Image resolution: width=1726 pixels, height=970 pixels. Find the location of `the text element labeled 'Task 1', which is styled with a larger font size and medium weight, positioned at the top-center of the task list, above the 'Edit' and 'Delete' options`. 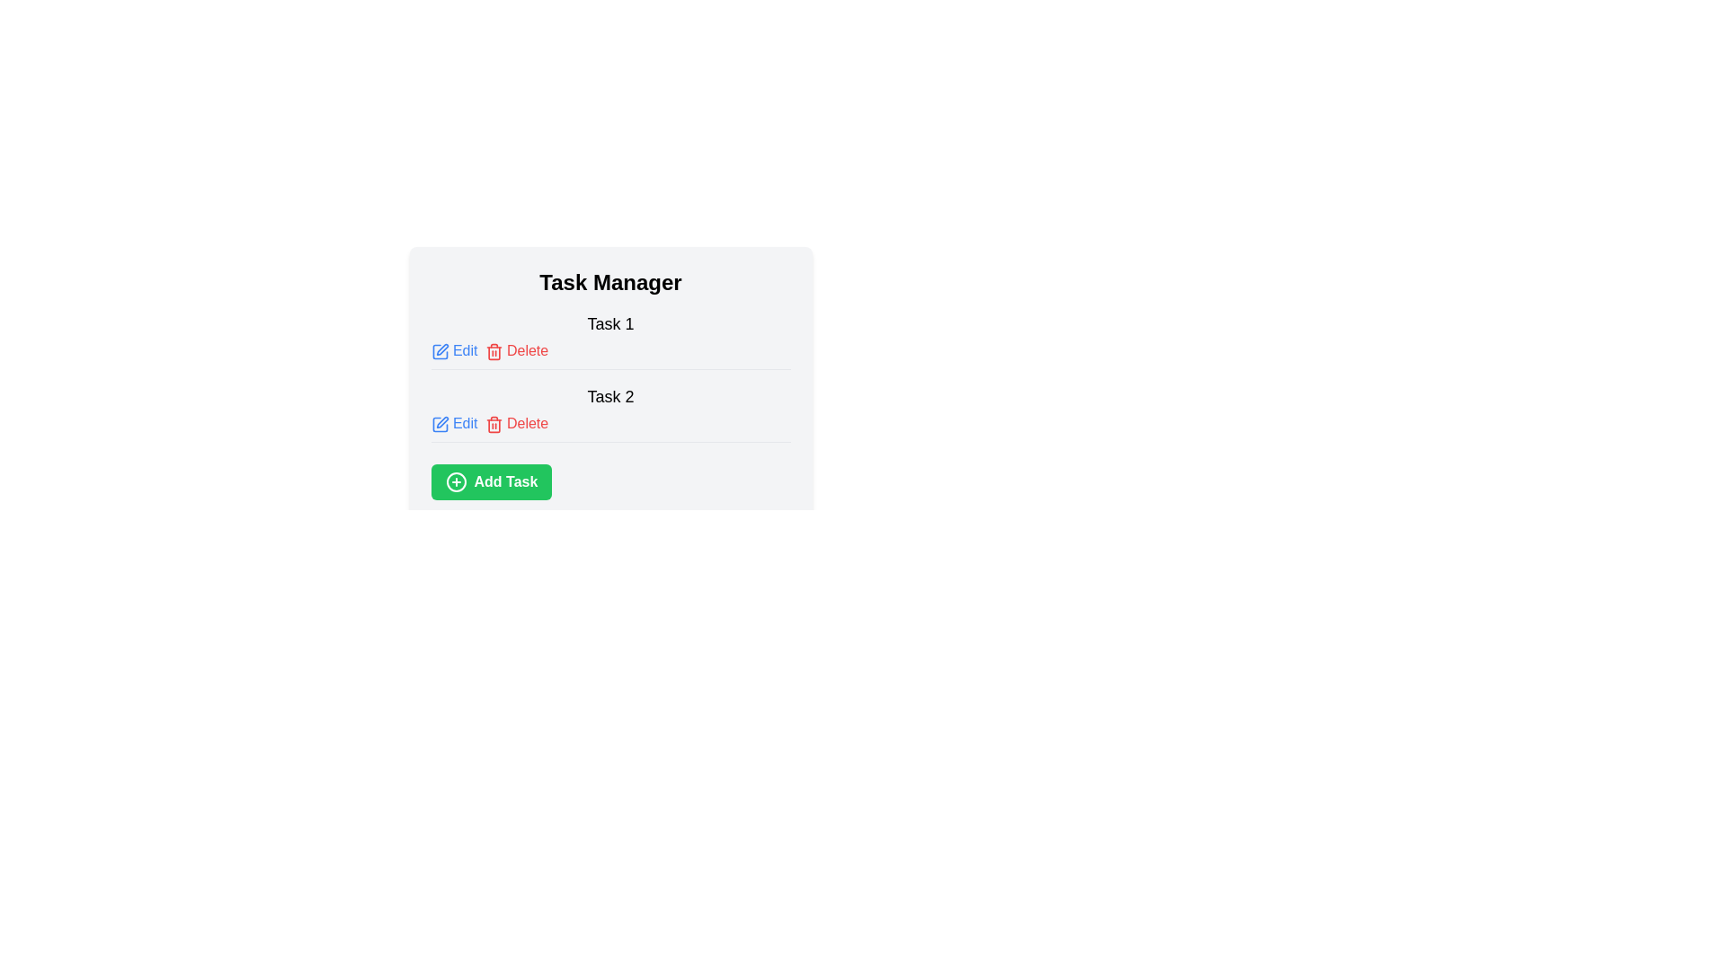

the text element labeled 'Task 1', which is styled with a larger font size and medium weight, positioned at the top-center of the task list, above the 'Edit' and 'Delete' options is located at coordinates (610, 324).